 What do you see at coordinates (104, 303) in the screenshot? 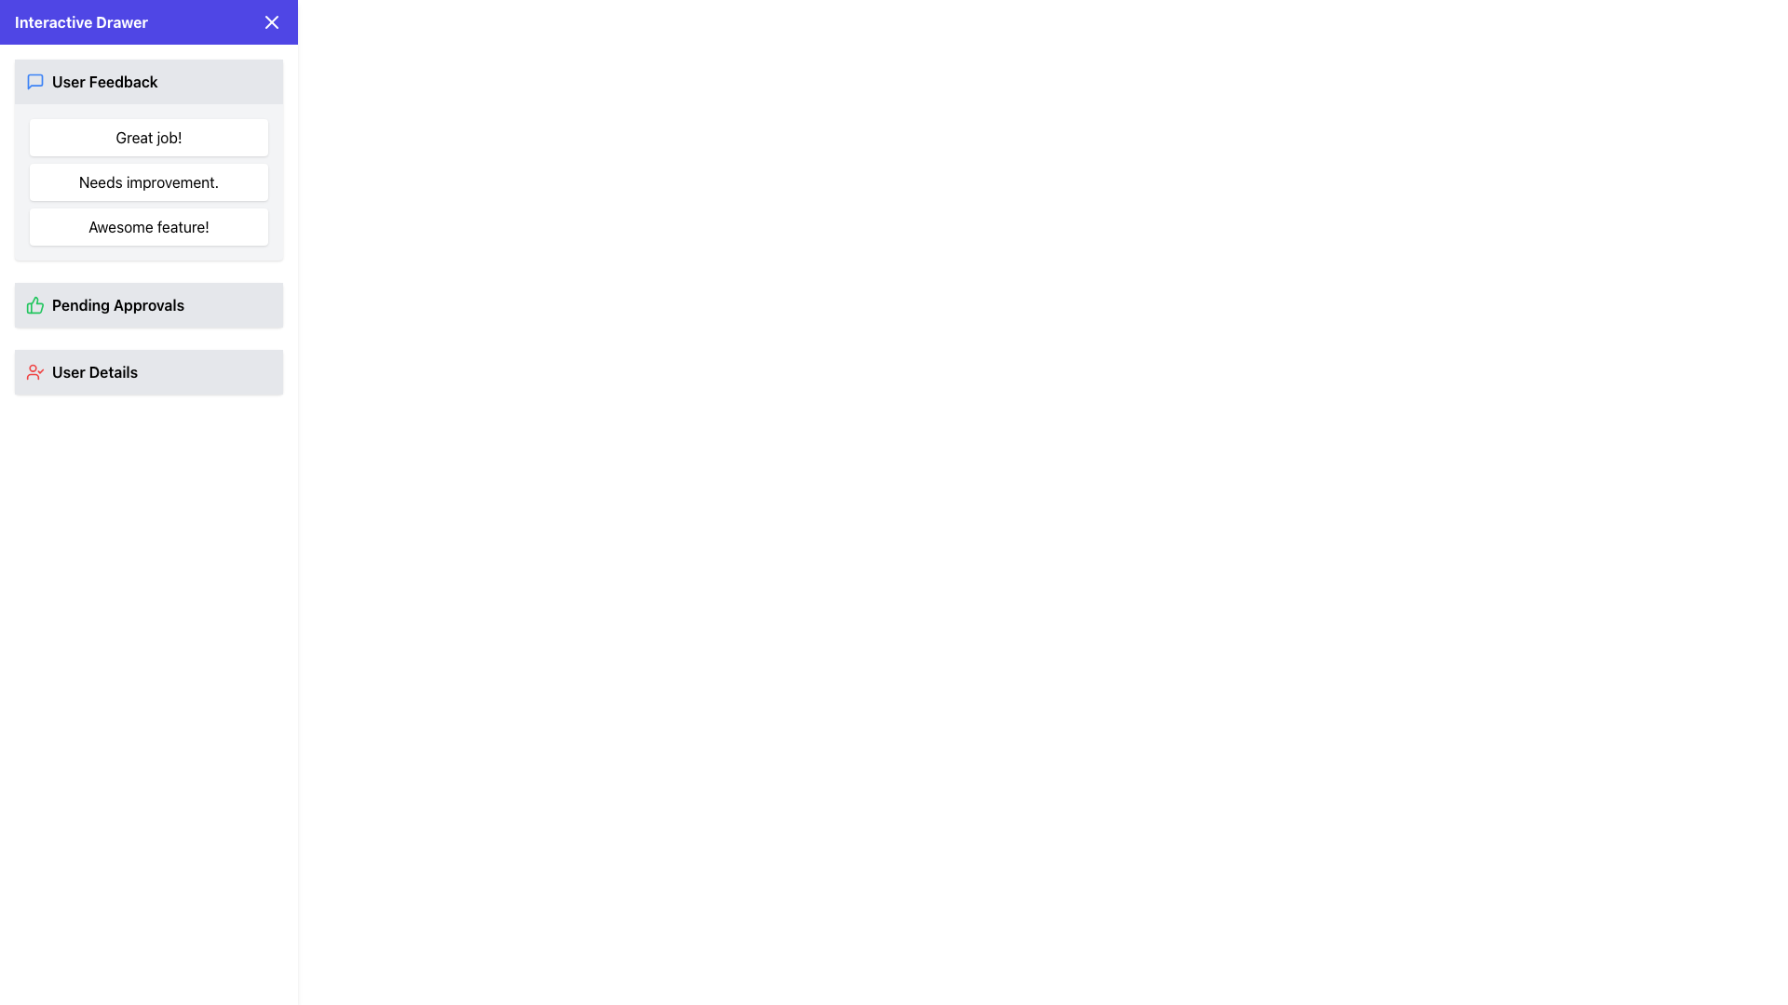
I see `the 'Pending Approvals' interactive label with icon, located in the 'Interactive Drawer' component, positioned beneath 'User Feedback' and above 'User Details'` at bounding box center [104, 303].